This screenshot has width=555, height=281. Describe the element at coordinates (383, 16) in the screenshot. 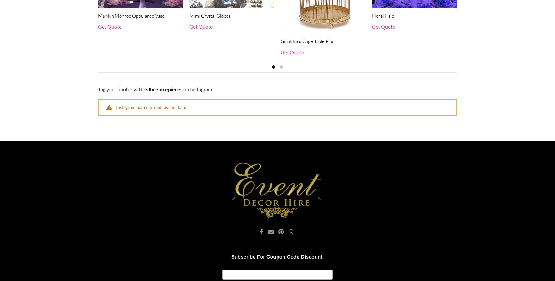

I see `'Floral Halo'` at that location.